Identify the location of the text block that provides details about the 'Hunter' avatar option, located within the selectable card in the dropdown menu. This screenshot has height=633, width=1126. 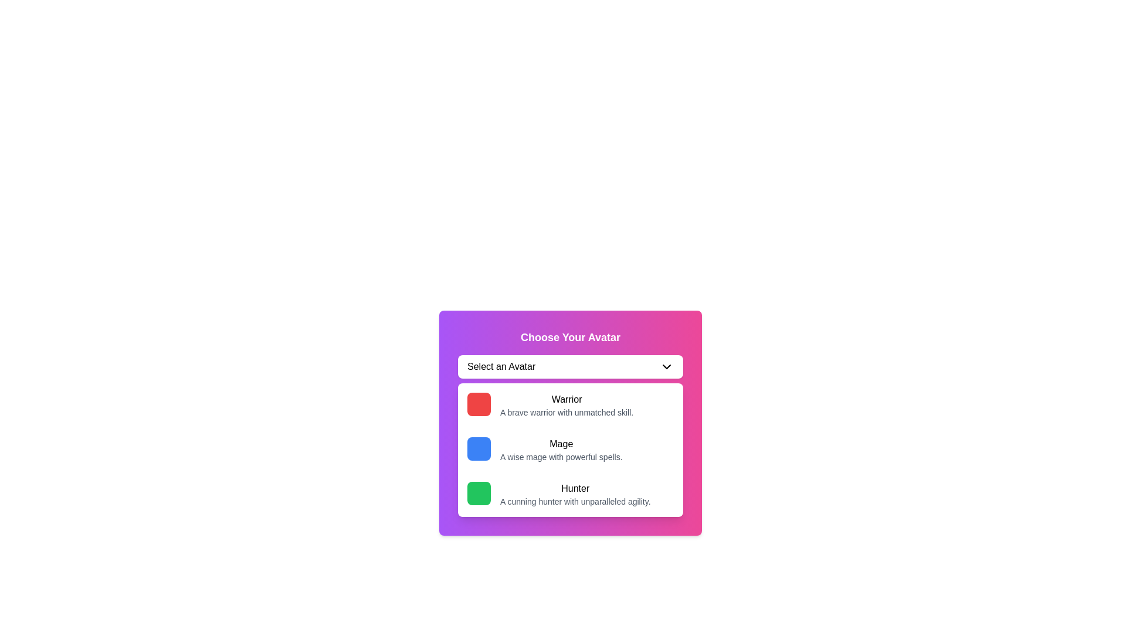
(575, 495).